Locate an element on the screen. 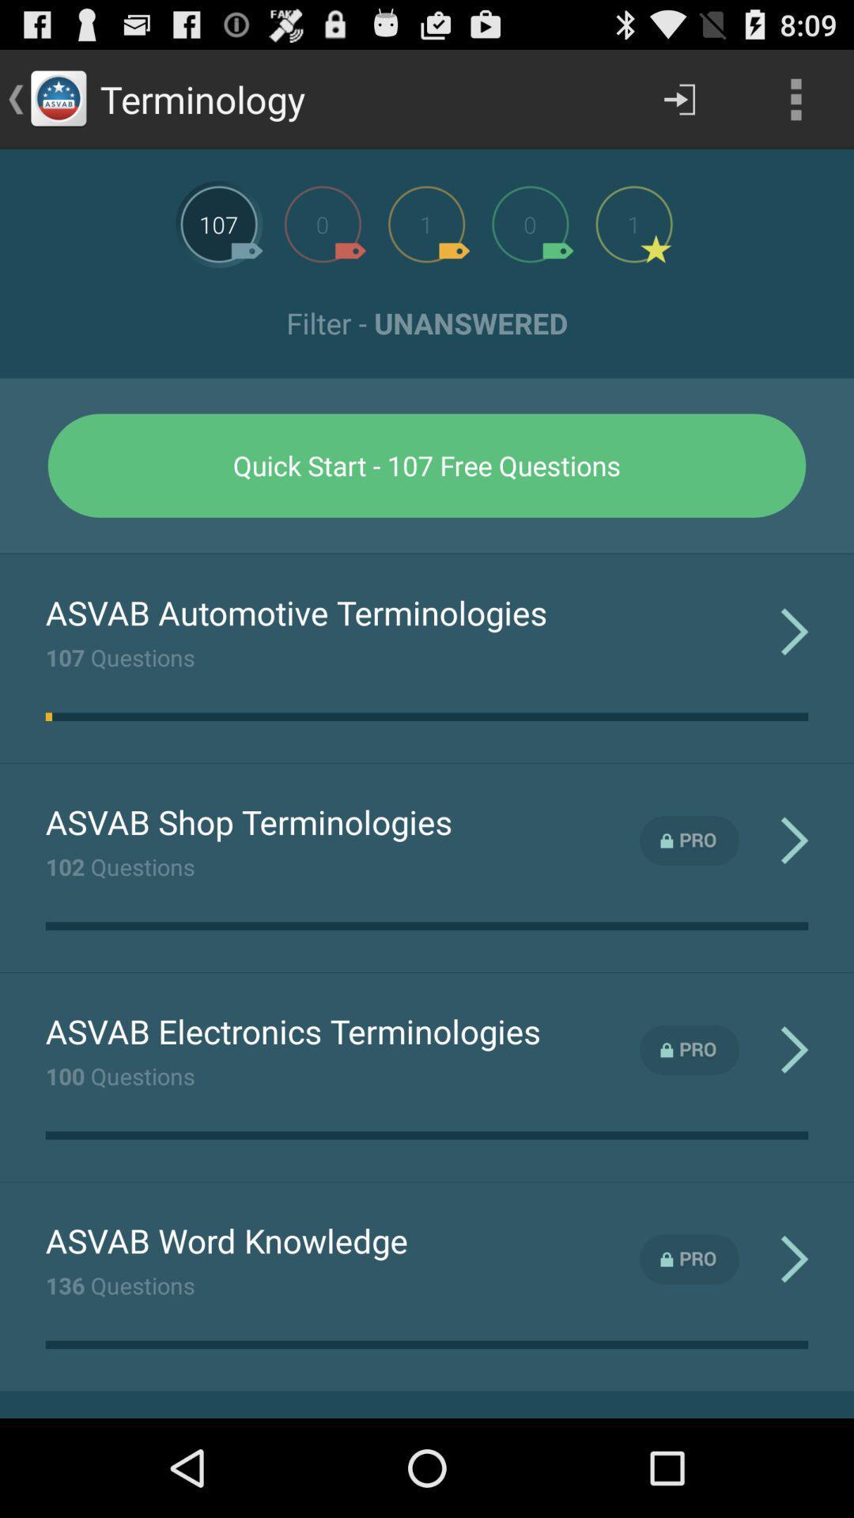  the item next to the terminology app is located at coordinates (678, 98).